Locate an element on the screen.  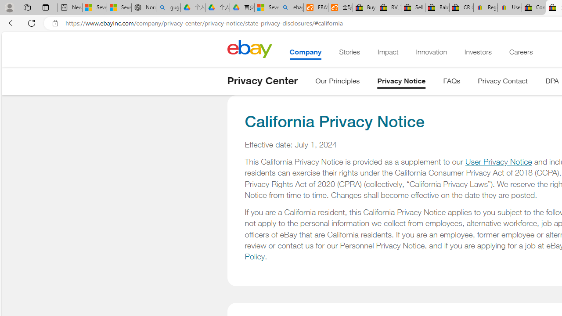
'DPA' is located at coordinates (551, 83).